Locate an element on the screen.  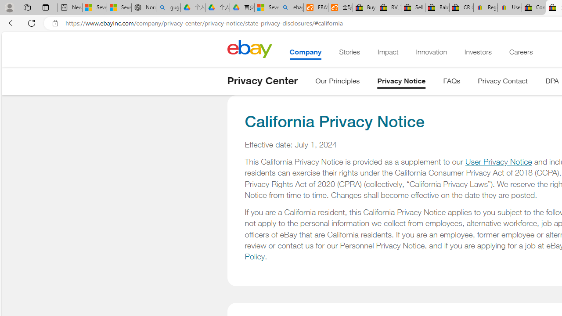
'DPA' is located at coordinates (551, 83).